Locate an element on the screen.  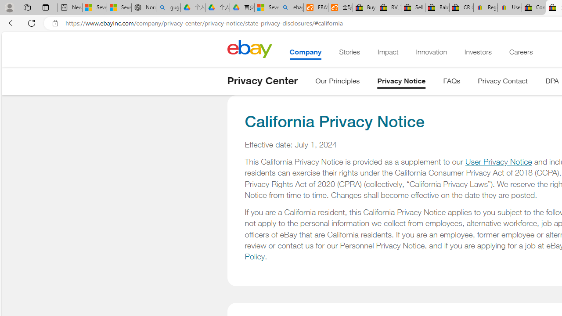
'DPA' is located at coordinates (551, 83).